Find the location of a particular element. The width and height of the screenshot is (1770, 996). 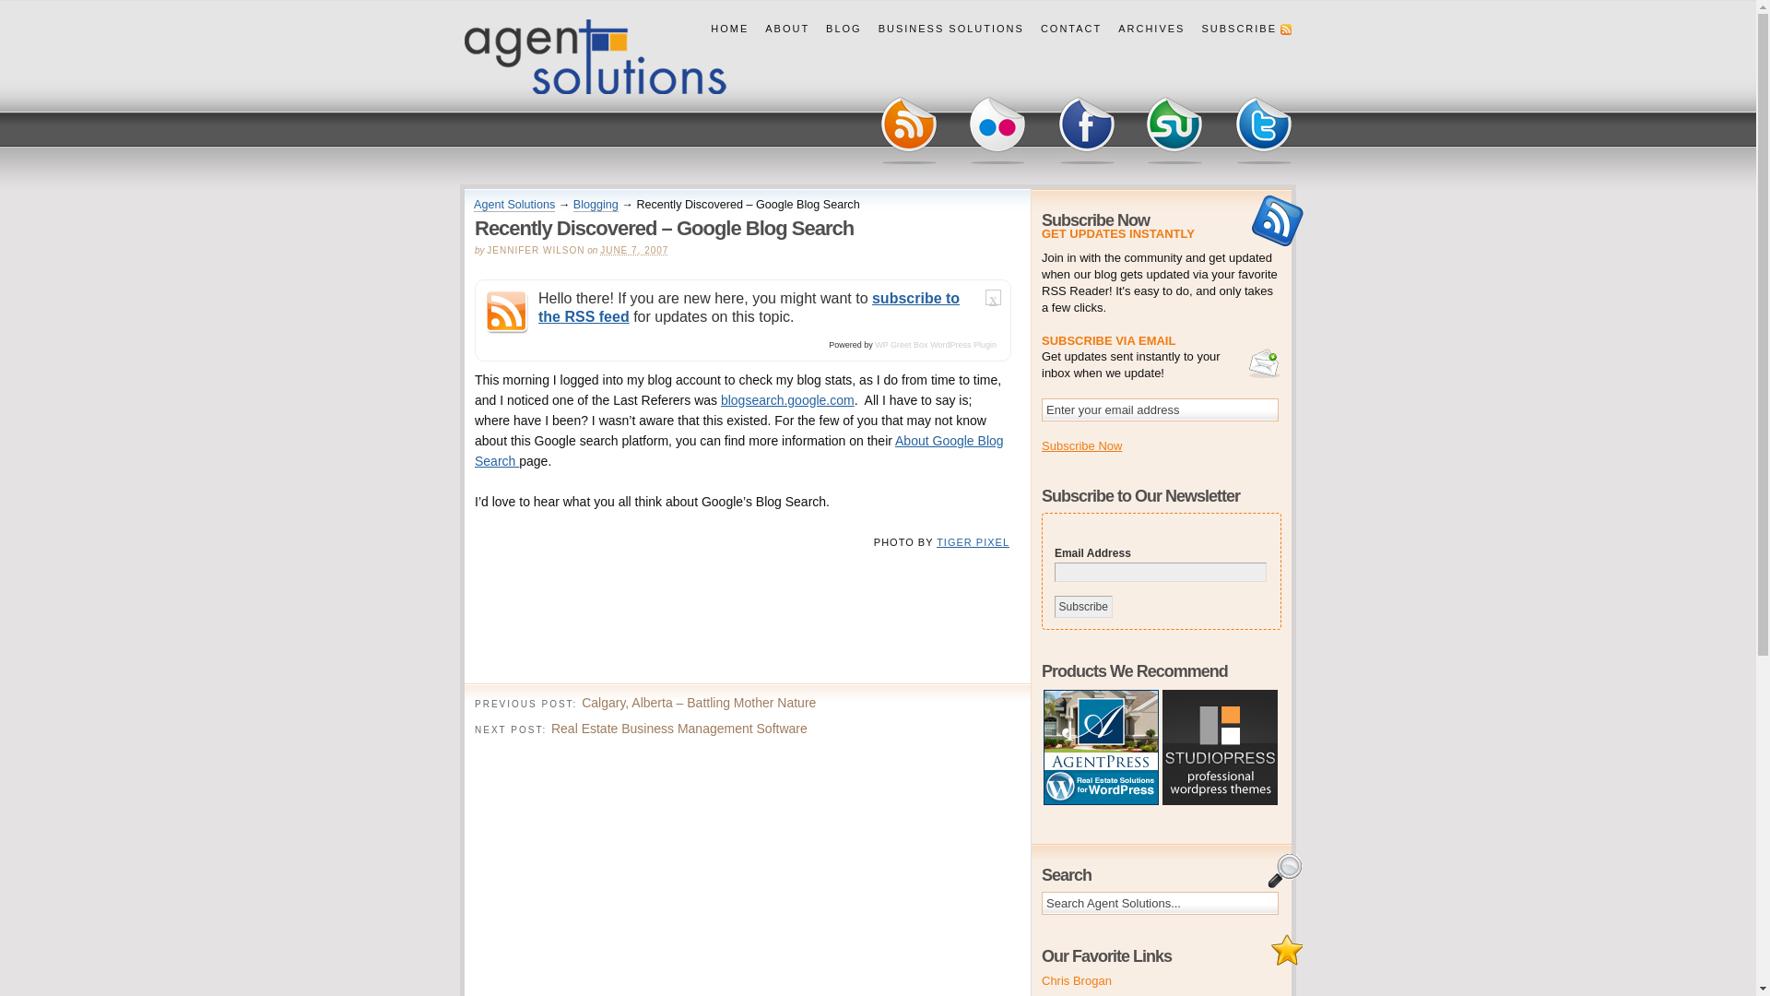

'Jennifer Wilson on Facebook' is located at coordinates (1086, 130).